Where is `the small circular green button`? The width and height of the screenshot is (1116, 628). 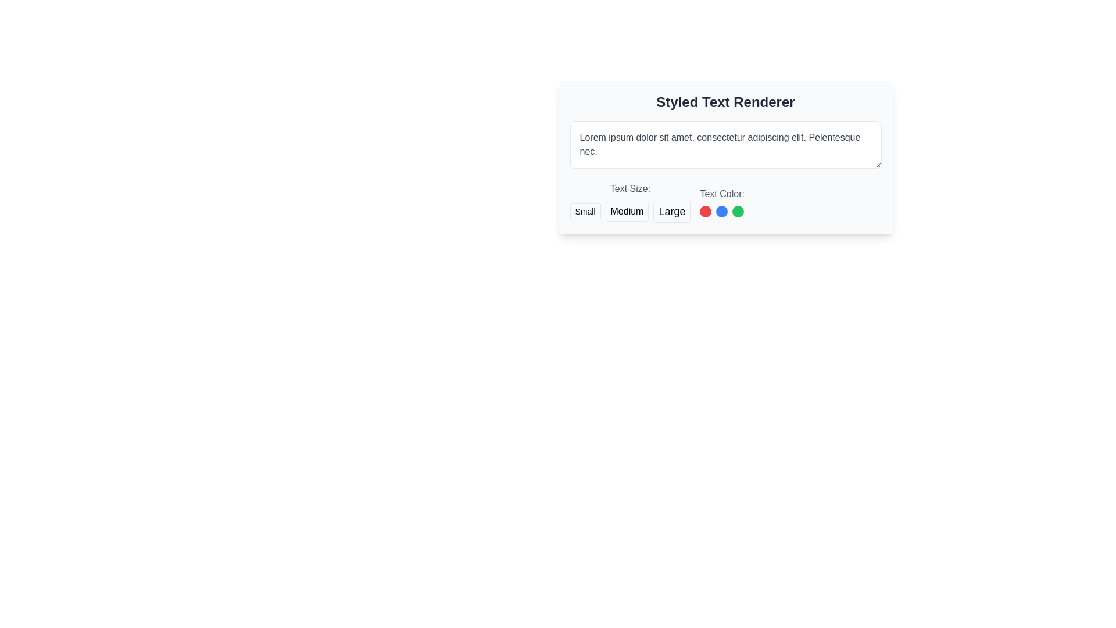 the small circular green button is located at coordinates (738, 211).